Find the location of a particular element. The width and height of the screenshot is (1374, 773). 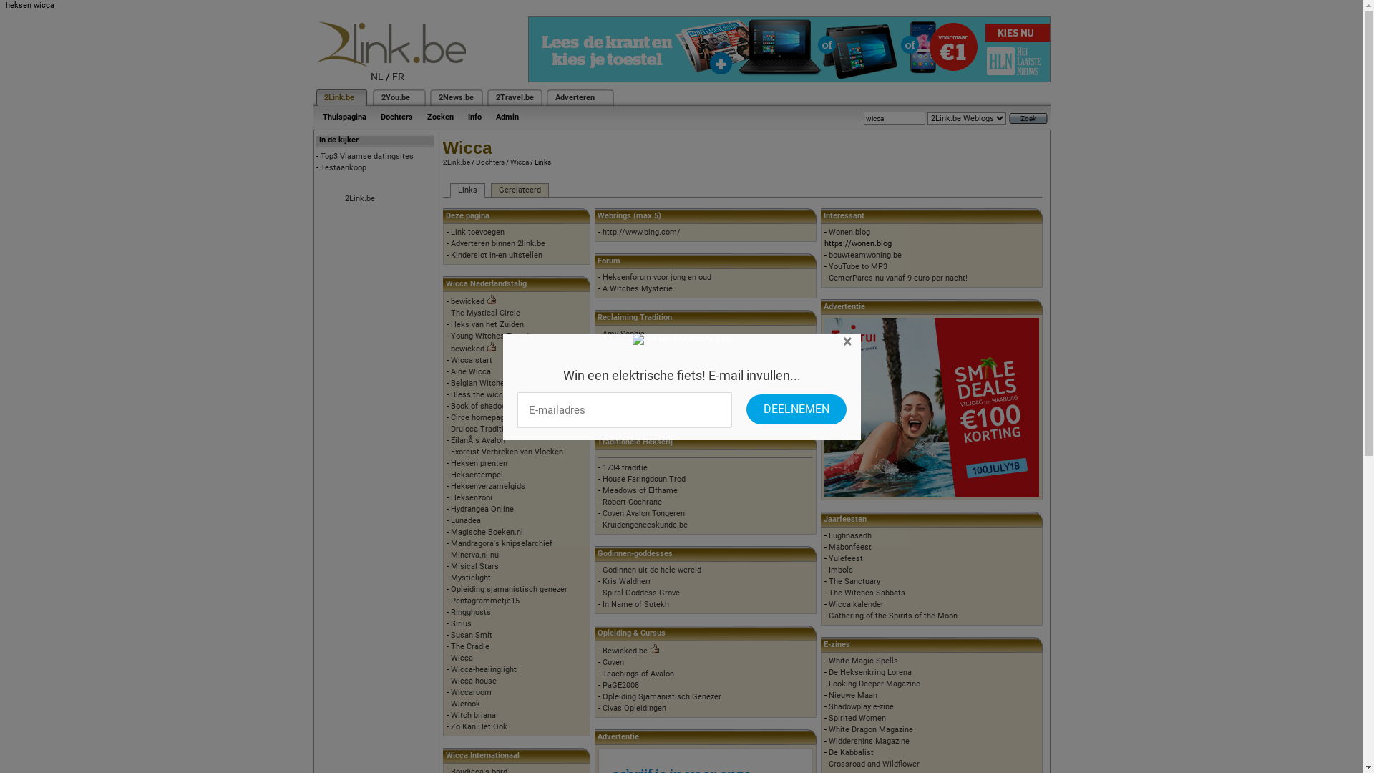

'Amy Sophia' is located at coordinates (623, 334).